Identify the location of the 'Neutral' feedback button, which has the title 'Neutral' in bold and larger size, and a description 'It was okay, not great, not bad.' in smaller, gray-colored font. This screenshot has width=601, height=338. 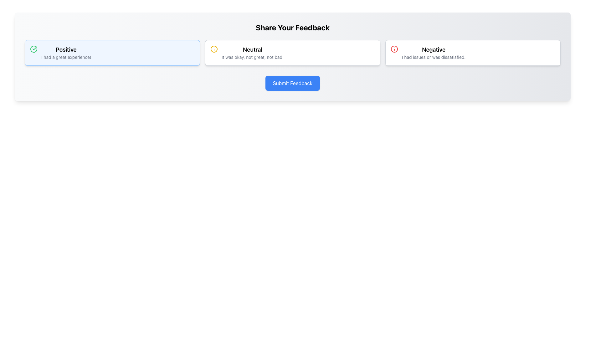
(252, 53).